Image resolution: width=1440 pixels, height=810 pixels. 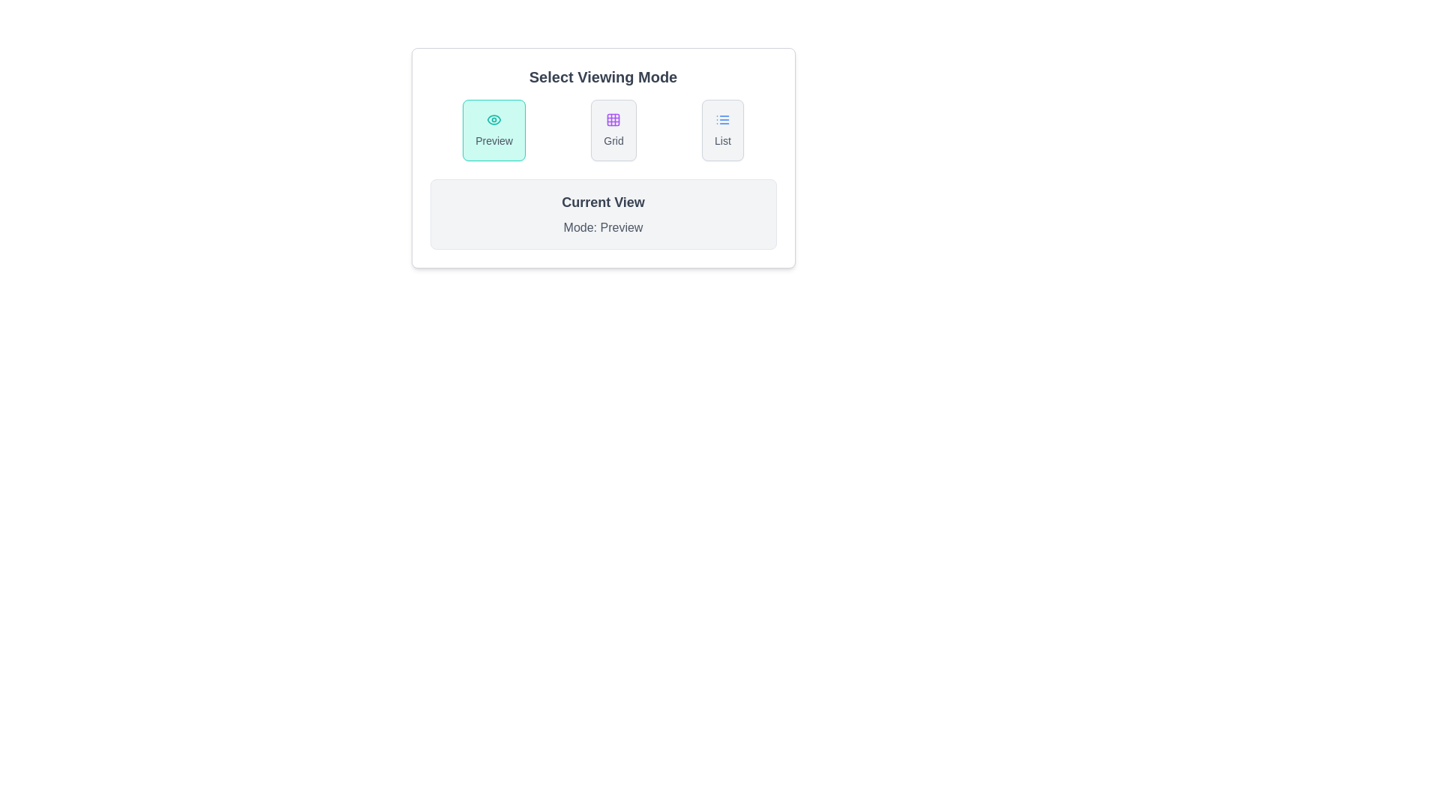 What do you see at coordinates (613, 129) in the screenshot?
I see `the 'Grid' selection button` at bounding box center [613, 129].